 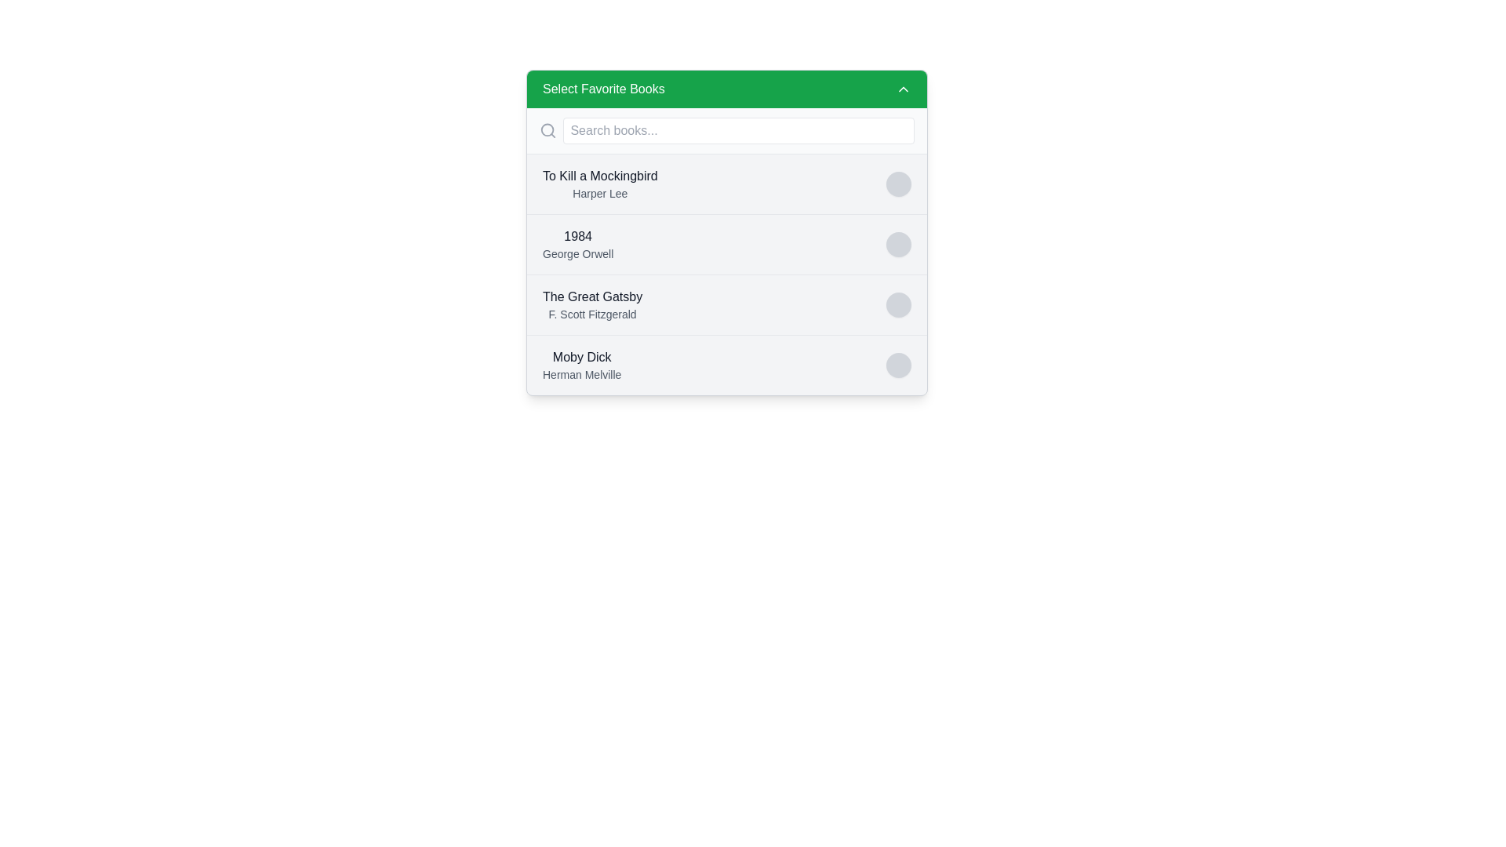 I want to click on the list item displaying the book title '1984' by author 'George Orwell' to make a selection, so click(x=726, y=233).